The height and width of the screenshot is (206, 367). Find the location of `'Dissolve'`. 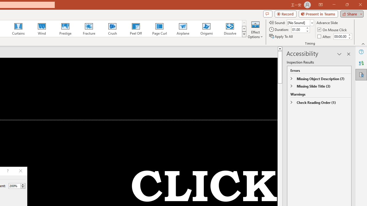

'Dissolve' is located at coordinates (230, 29).